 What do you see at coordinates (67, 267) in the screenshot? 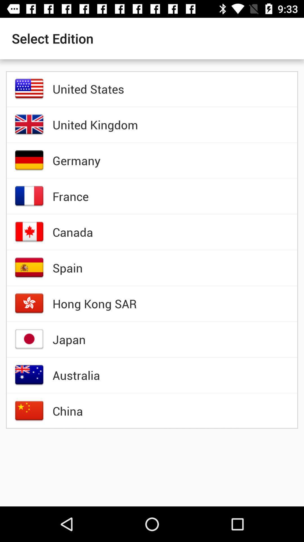
I see `the icon below the canada icon` at bounding box center [67, 267].